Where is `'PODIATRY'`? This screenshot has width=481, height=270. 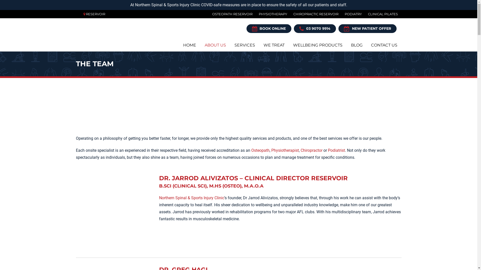
'PODIATRY' is located at coordinates (349, 14).